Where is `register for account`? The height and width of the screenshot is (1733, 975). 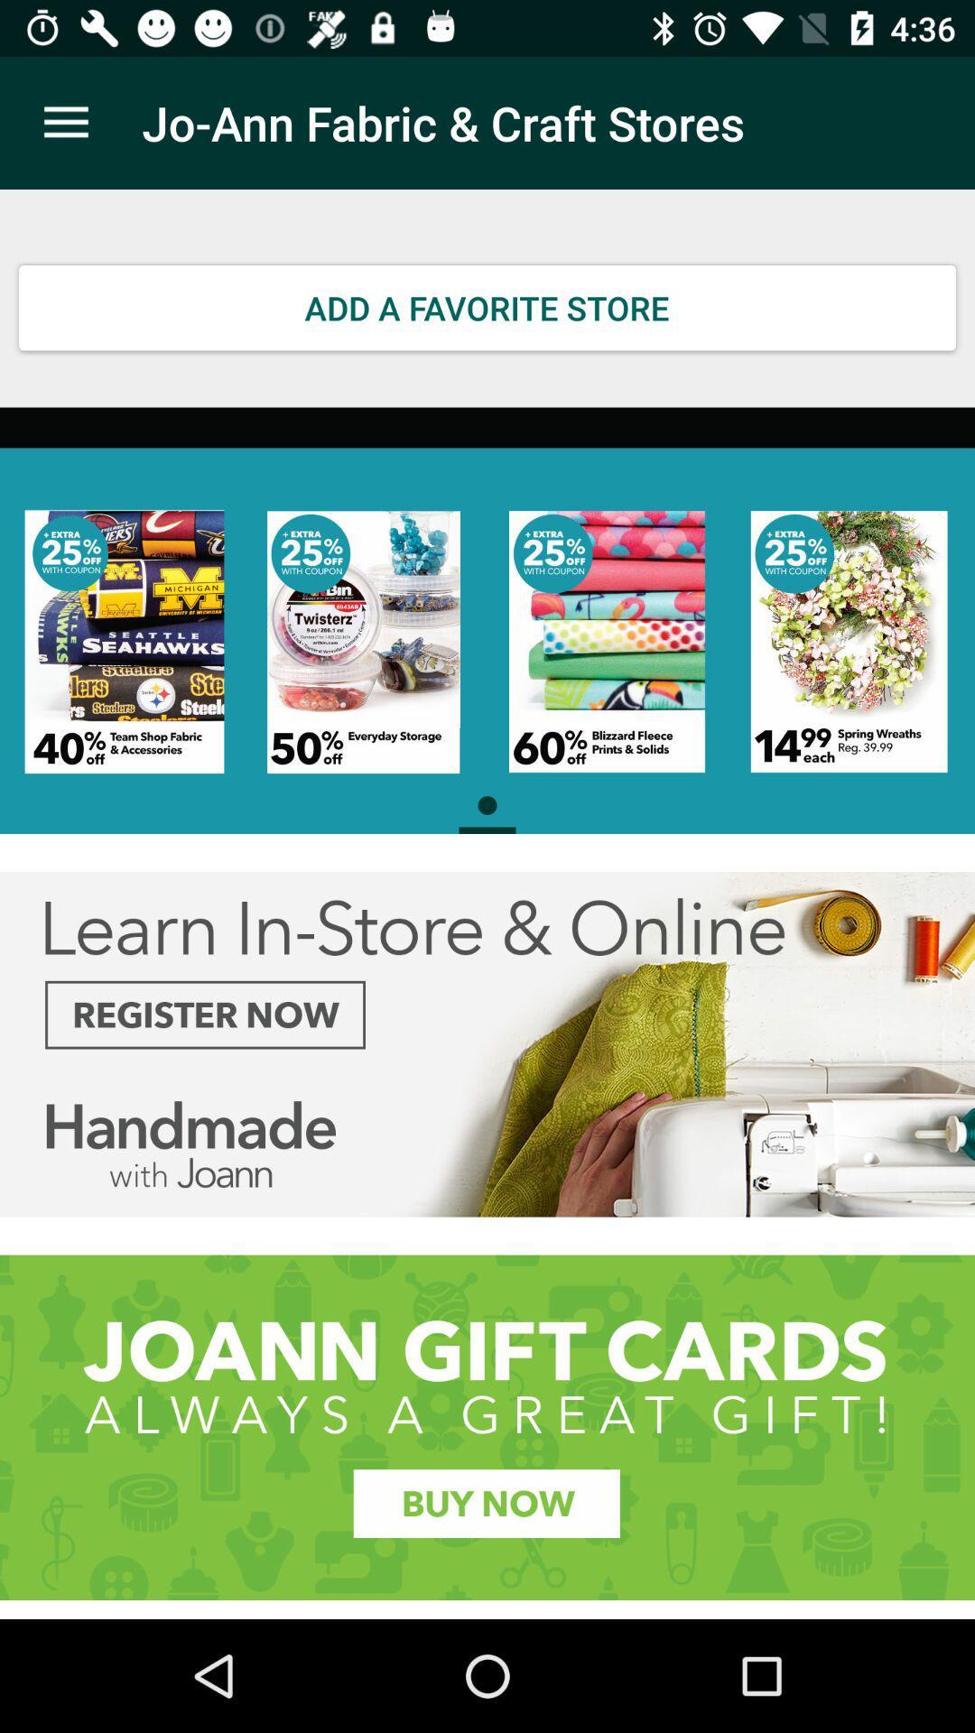 register for account is located at coordinates (487, 1044).